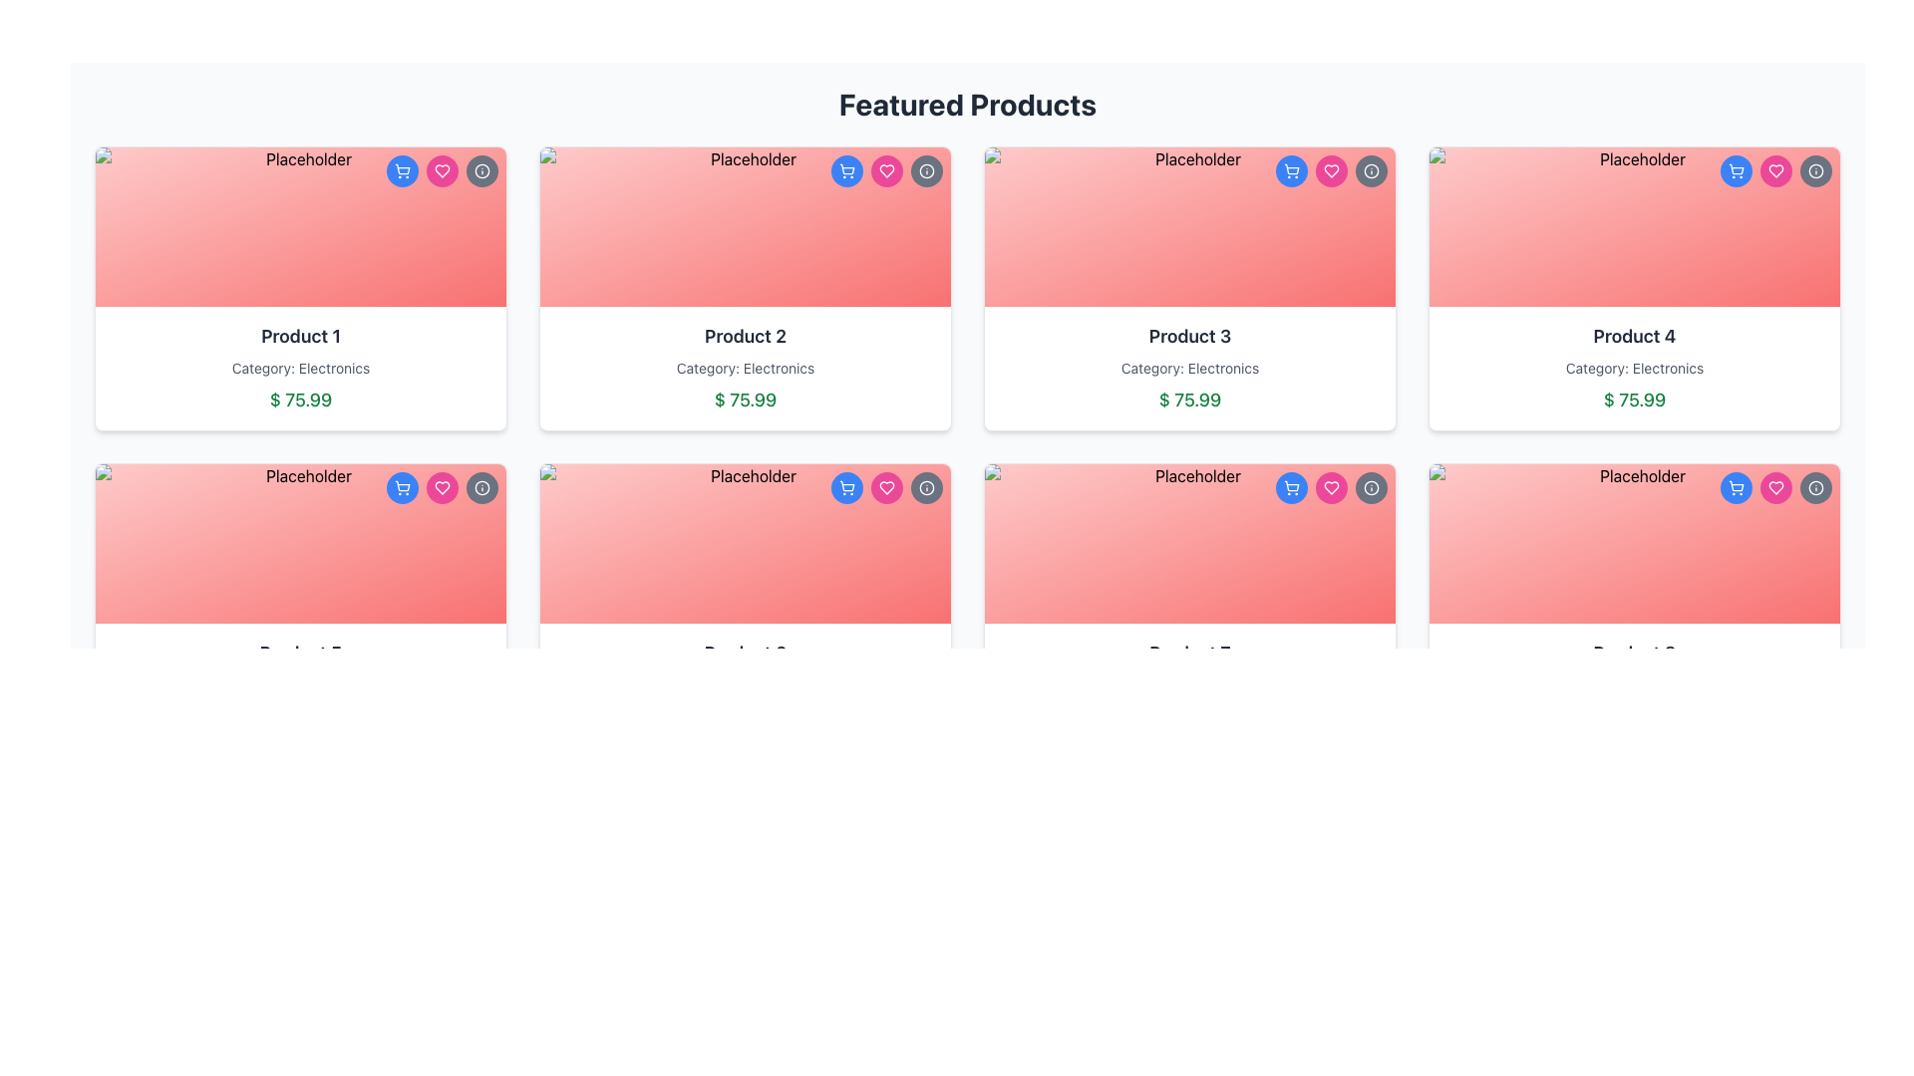  What do you see at coordinates (926, 170) in the screenshot?
I see `the circular button with a gray background and white border, featuring an info icon at its center, located in the top-right corner of the second product card` at bounding box center [926, 170].